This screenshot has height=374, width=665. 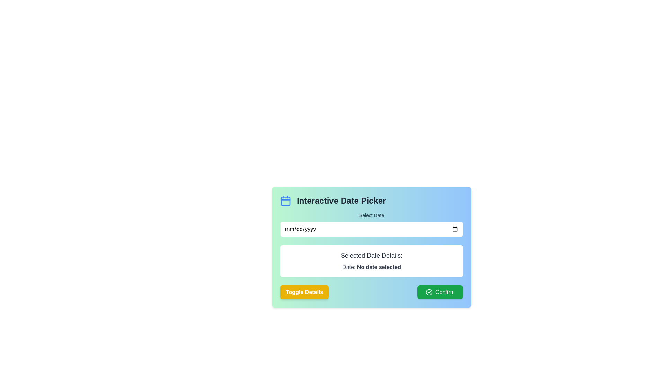 I want to click on the Text Label indicating the absence of a selected date in the 'Selected Date Details' panel, so click(x=379, y=267).